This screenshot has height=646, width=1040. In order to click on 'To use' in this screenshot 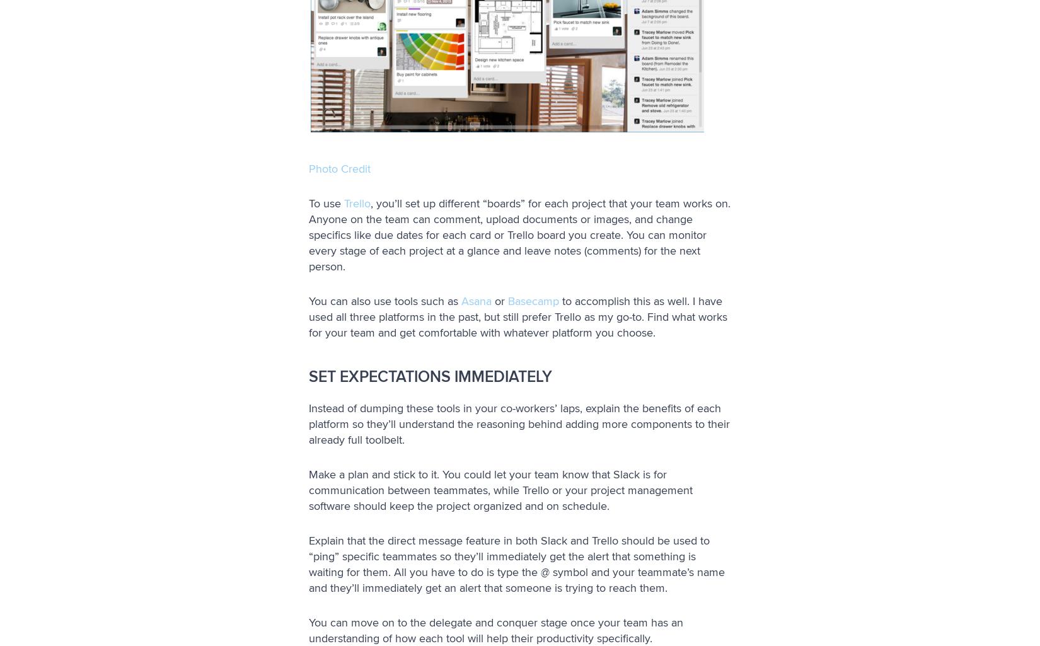, I will do `click(325, 203)`.